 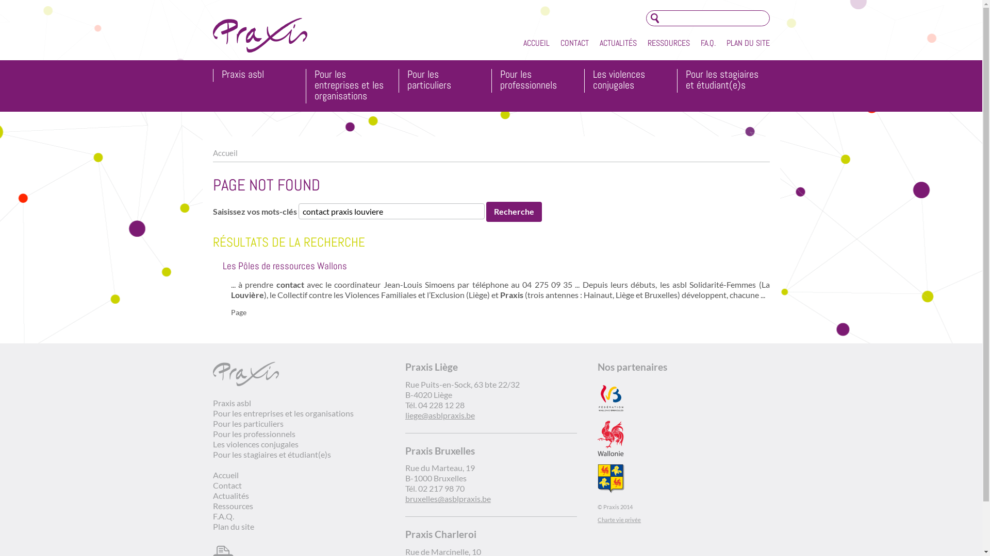 What do you see at coordinates (668, 43) in the screenshot?
I see `'RESSOURCES'` at bounding box center [668, 43].